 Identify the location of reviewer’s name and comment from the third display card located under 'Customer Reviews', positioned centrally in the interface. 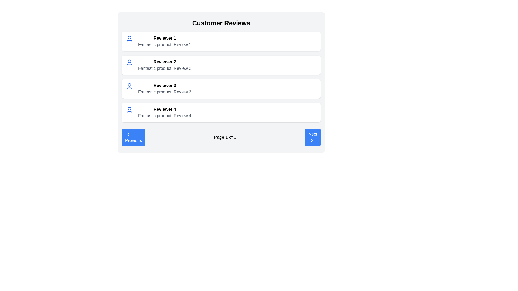
(221, 82).